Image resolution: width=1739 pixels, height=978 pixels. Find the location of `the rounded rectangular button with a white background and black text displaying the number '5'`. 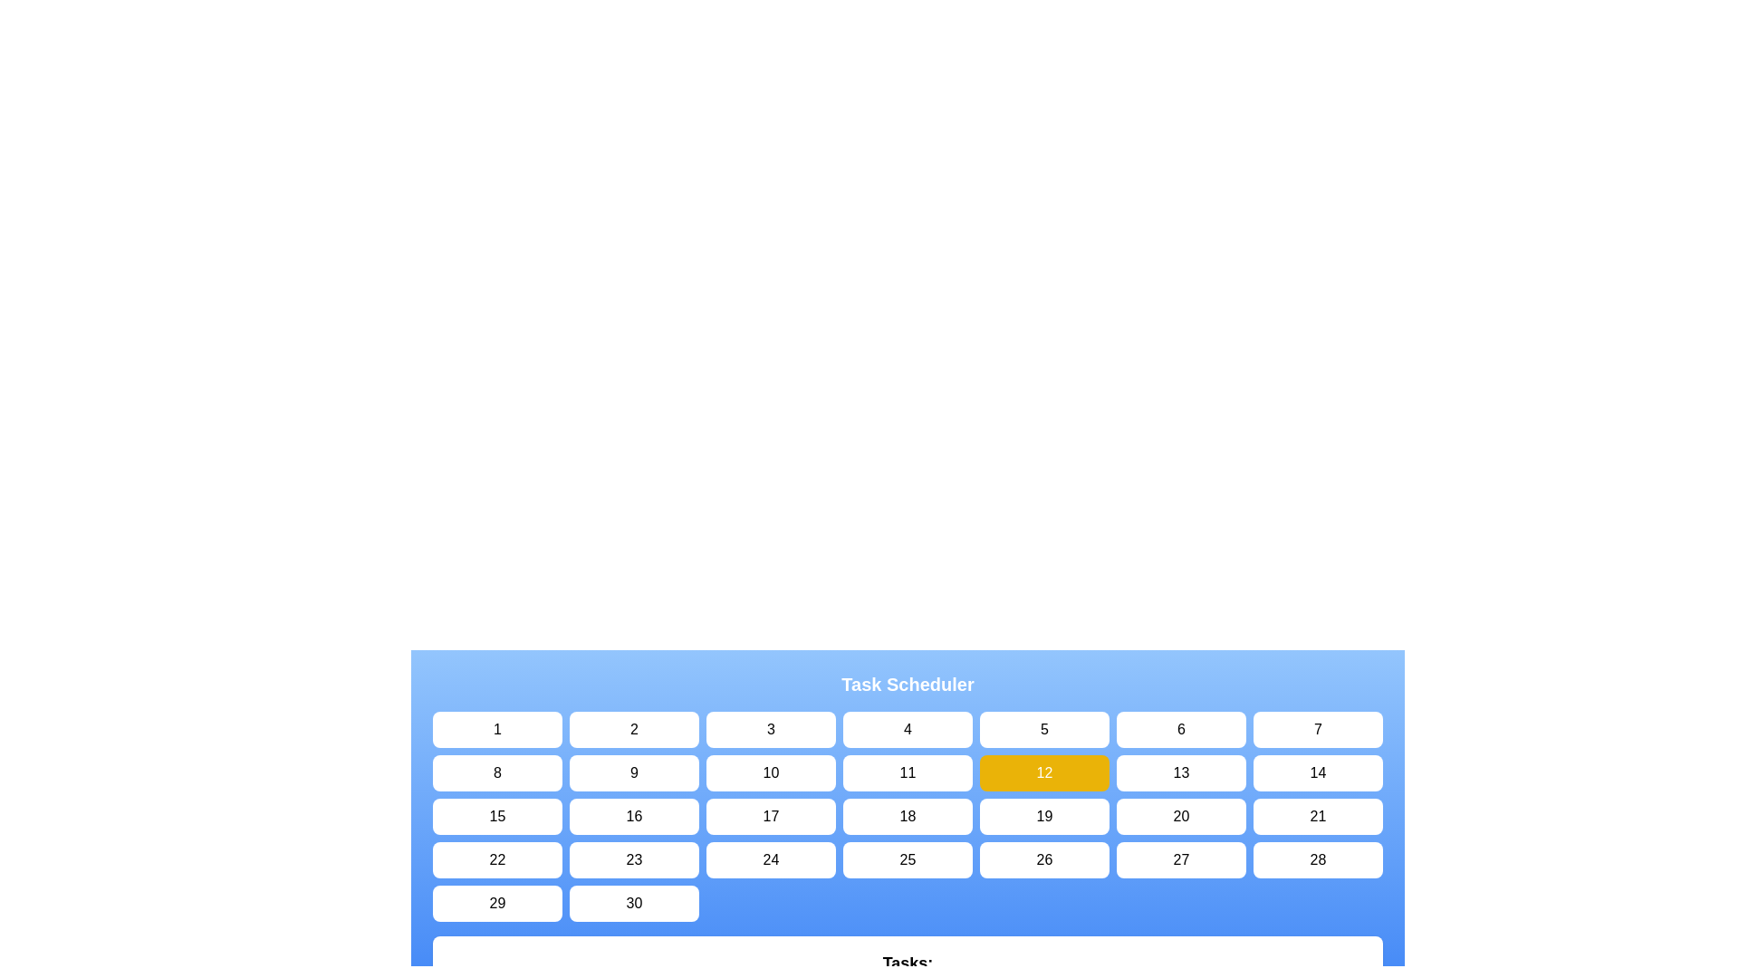

the rounded rectangular button with a white background and black text displaying the number '5' is located at coordinates (1044, 729).